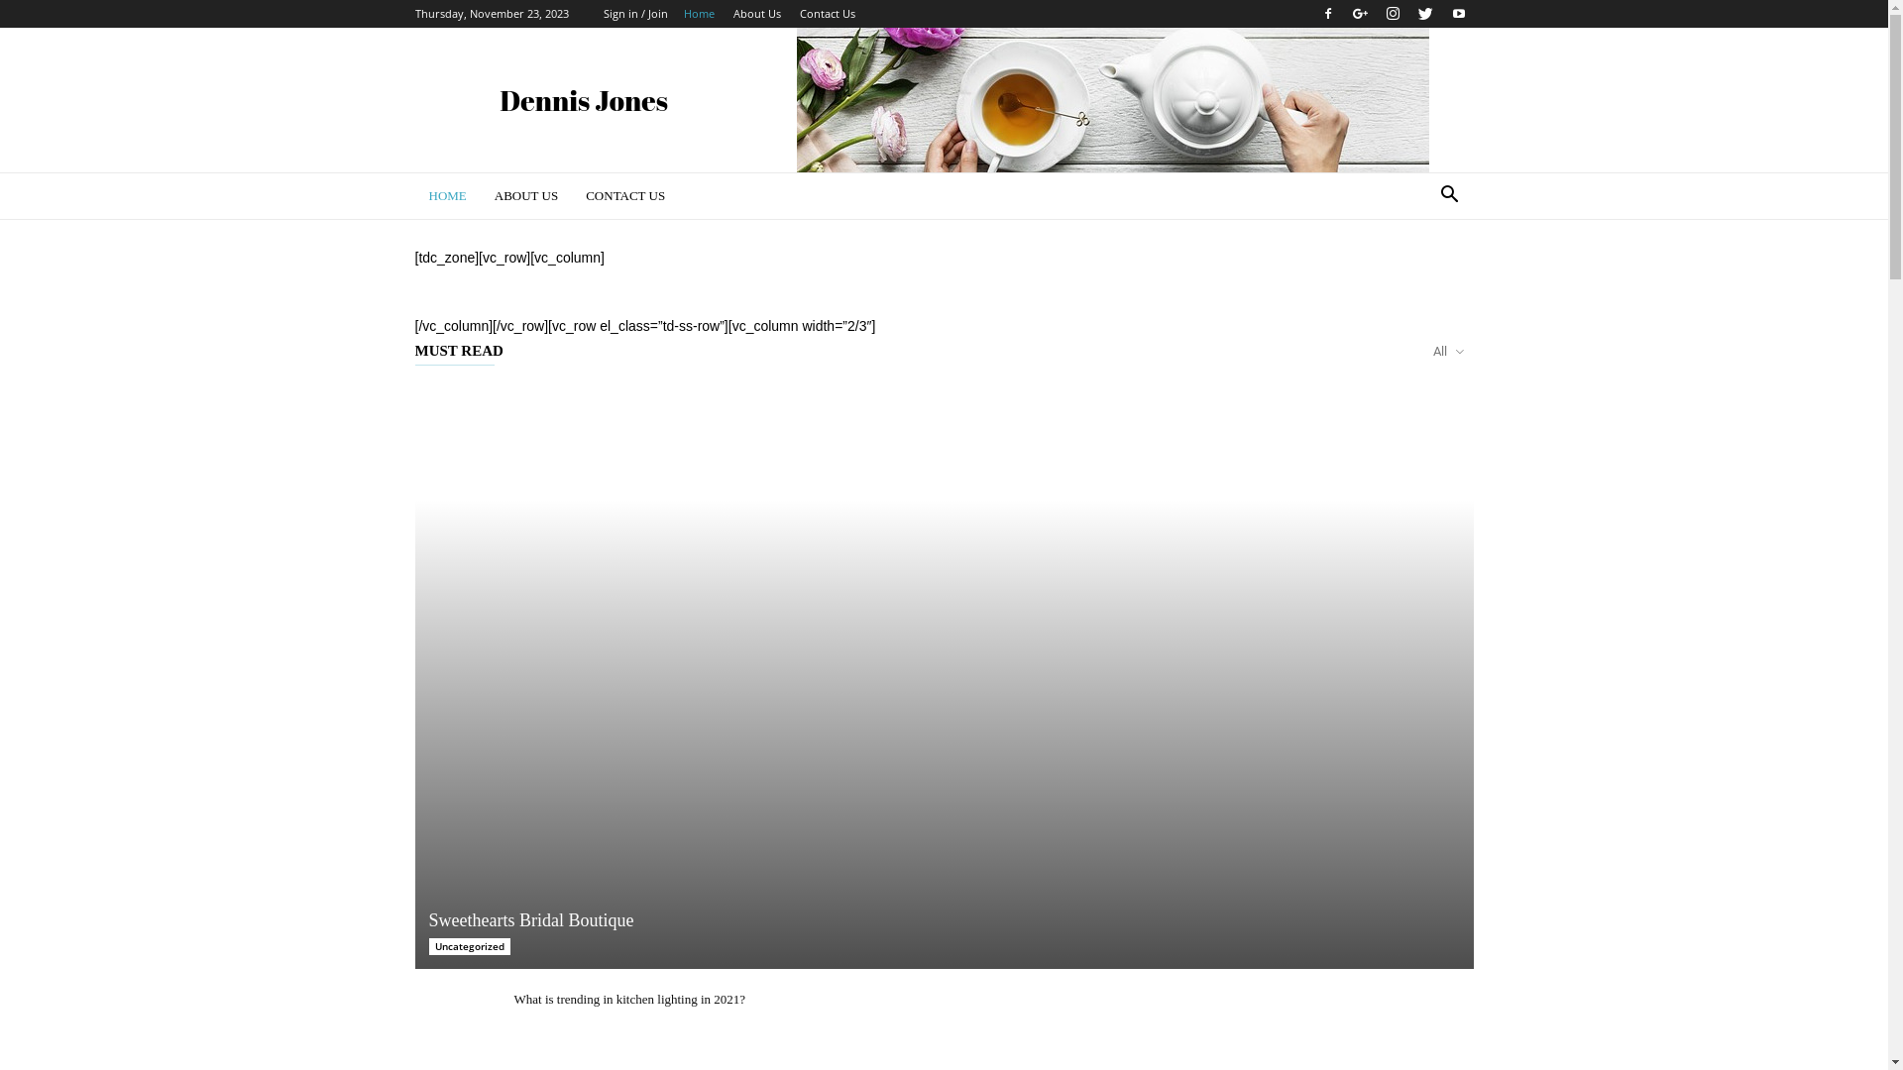 The image size is (1903, 1070). I want to click on 'Sweethearts Bridal Boutique', so click(530, 920).